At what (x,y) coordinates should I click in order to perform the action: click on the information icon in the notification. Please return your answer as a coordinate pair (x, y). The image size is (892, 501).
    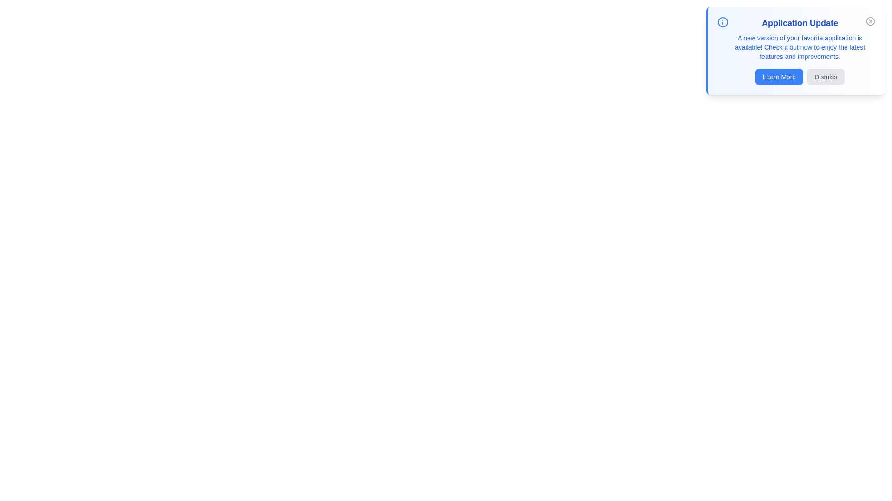
    Looking at the image, I should click on (722, 21).